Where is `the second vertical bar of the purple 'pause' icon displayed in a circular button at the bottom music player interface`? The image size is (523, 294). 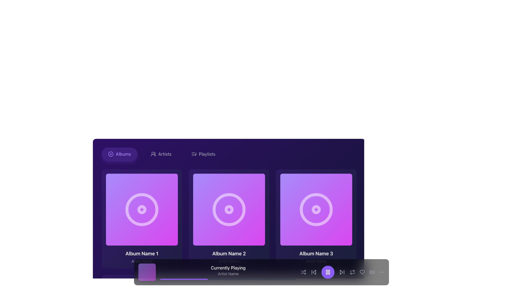 the second vertical bar of the purple 'pause' icon displayed in a circular button at the bottom music player interface is located at coordinates (329, 272).